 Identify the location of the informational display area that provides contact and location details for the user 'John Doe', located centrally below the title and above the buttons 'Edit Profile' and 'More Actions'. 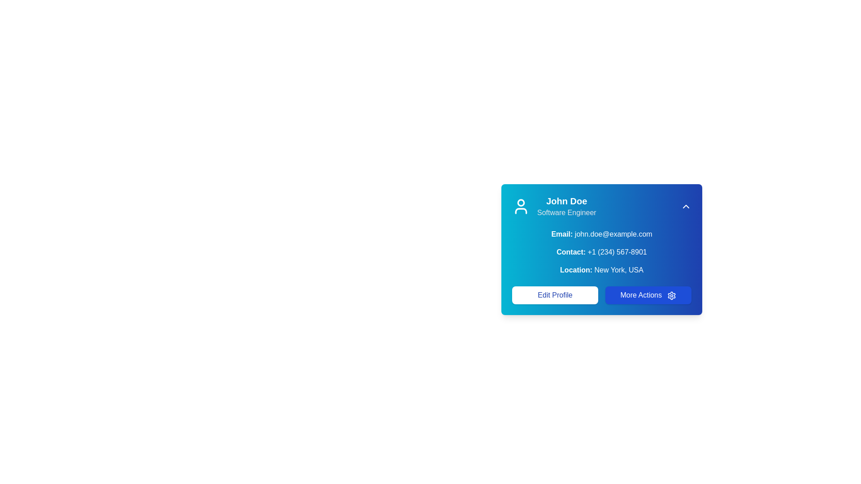
(602, 252).